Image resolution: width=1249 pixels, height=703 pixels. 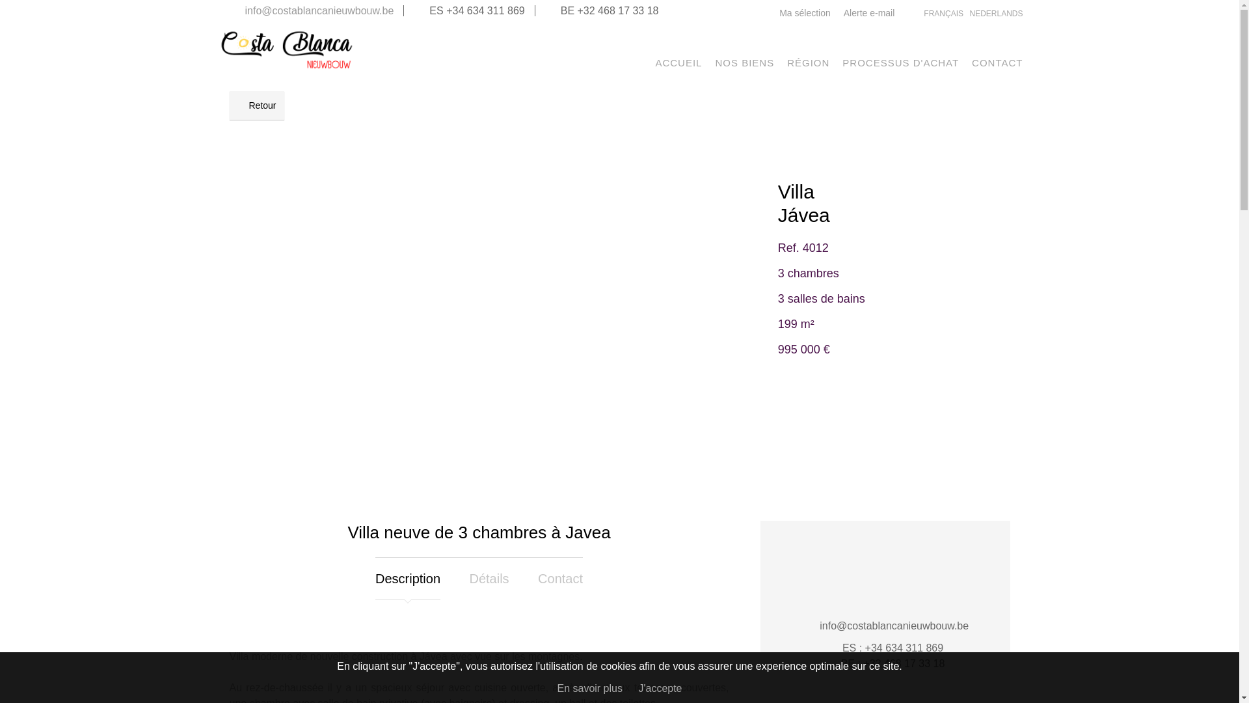 I want to click on 'CONTACT', so click(x=996, y=62).